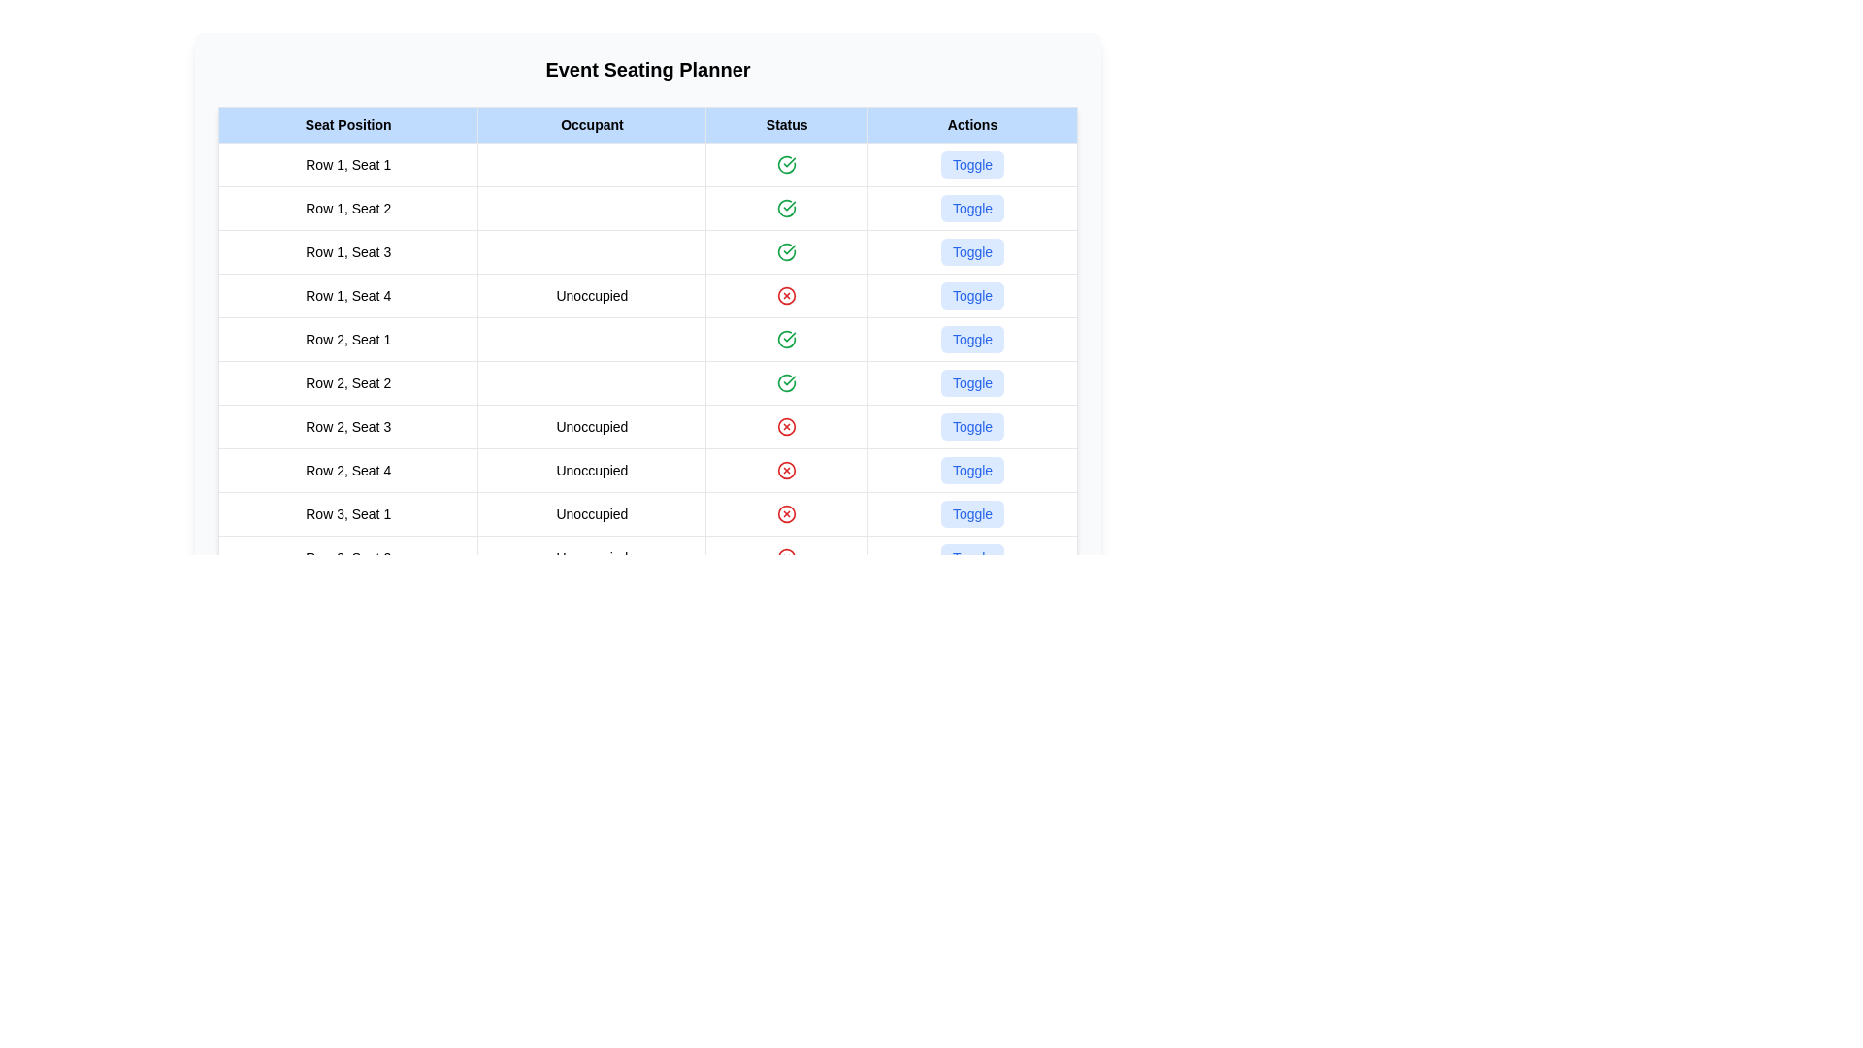  I want to click on status indicator in the second row of the table, which shows 'Row 1, Seat 2' and a green check, to check its current state, so click(647, 209).